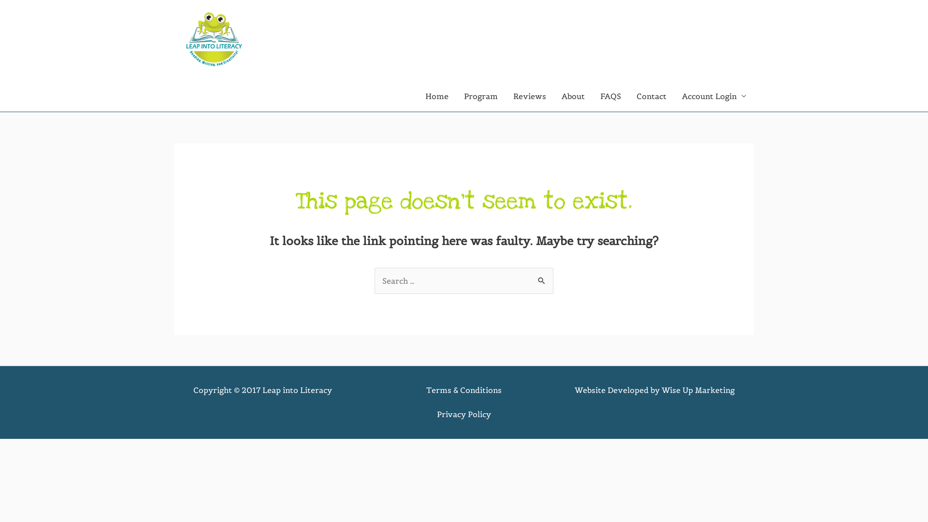 This screenshot has height=522, width=928. I want to click on 'Wise Up Marketing', so click(698, 389).